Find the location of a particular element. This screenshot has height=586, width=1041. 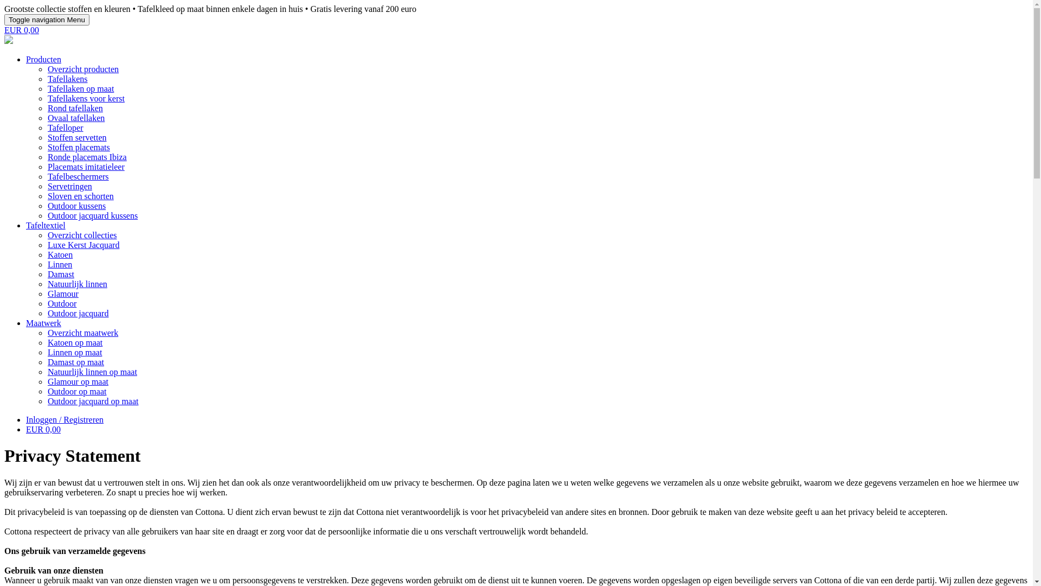

'Damast' is located at coordinates (60, 273).